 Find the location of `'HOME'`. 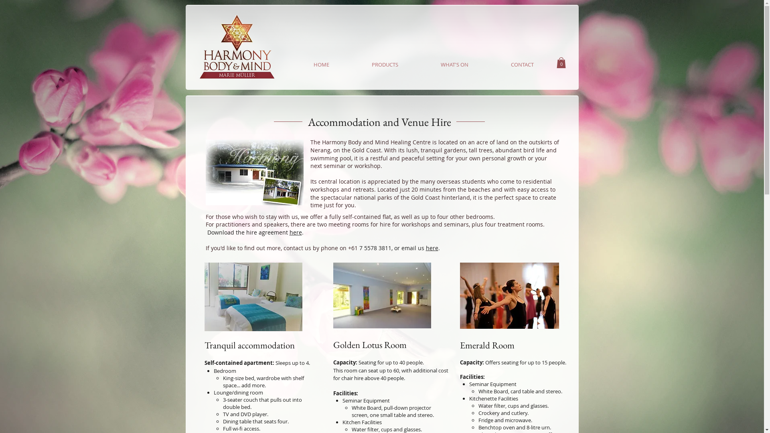

'HOME' is located at coordinates (292, 64).